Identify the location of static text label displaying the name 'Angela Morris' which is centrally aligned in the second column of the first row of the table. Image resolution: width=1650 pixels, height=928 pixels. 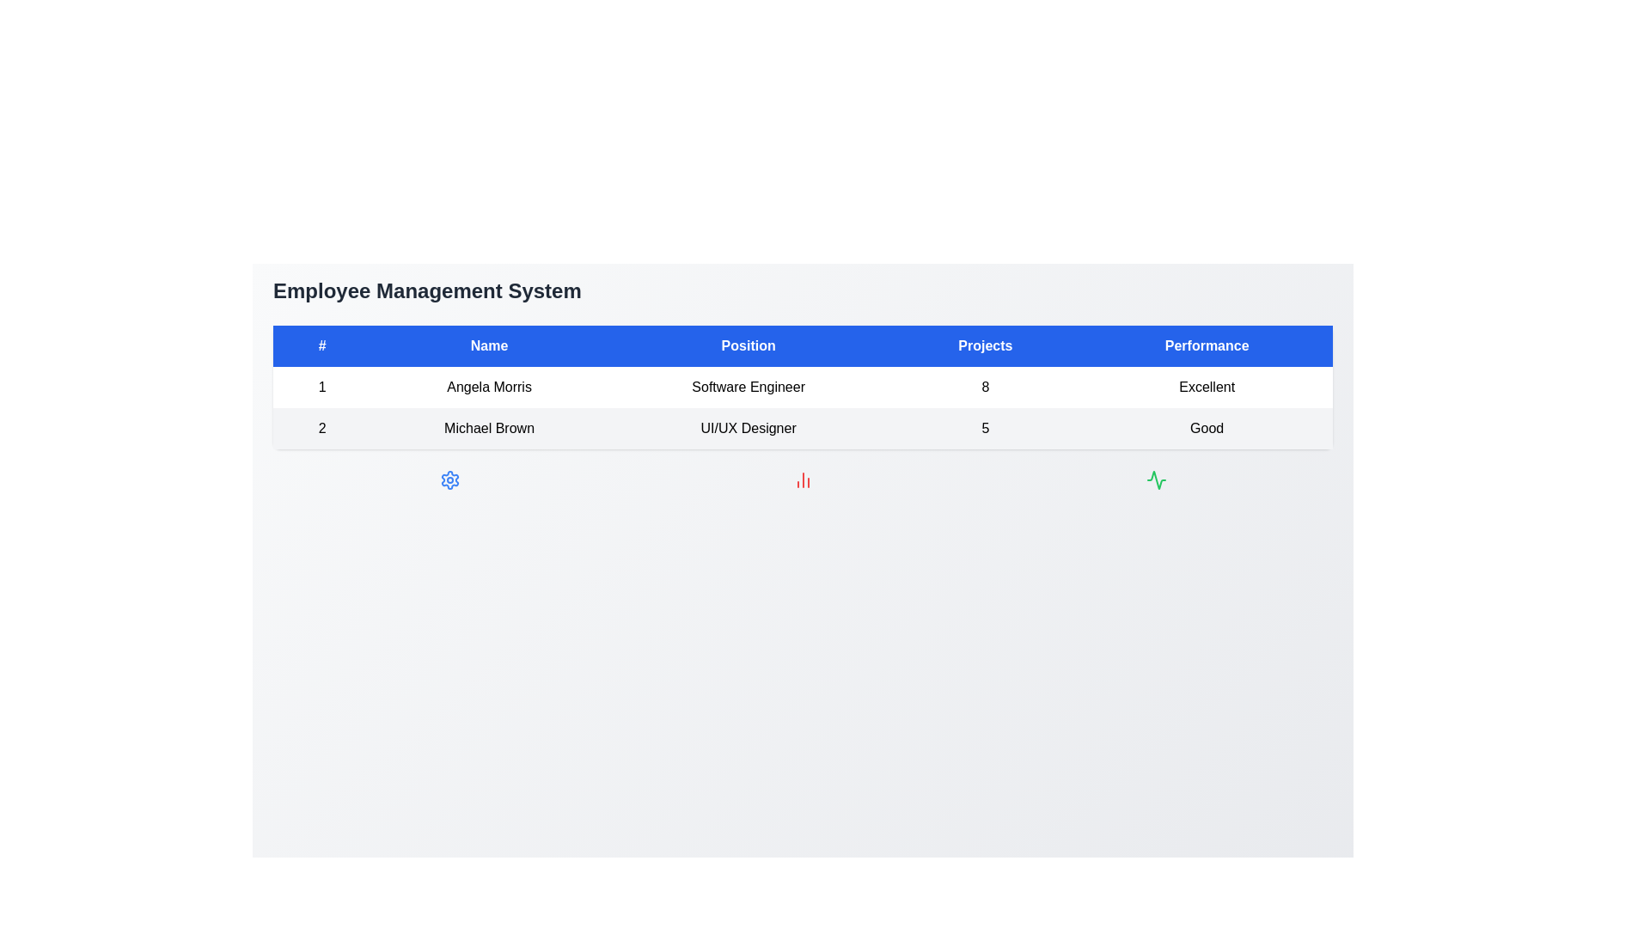
(488, 388).